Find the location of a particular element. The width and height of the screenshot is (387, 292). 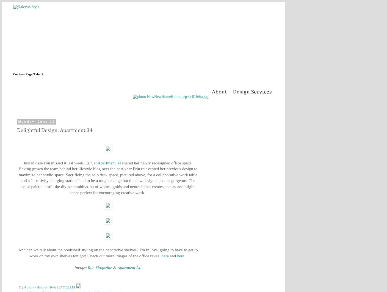

'Delightful Design: Apartment 34' is located at coordinates (54, 130).